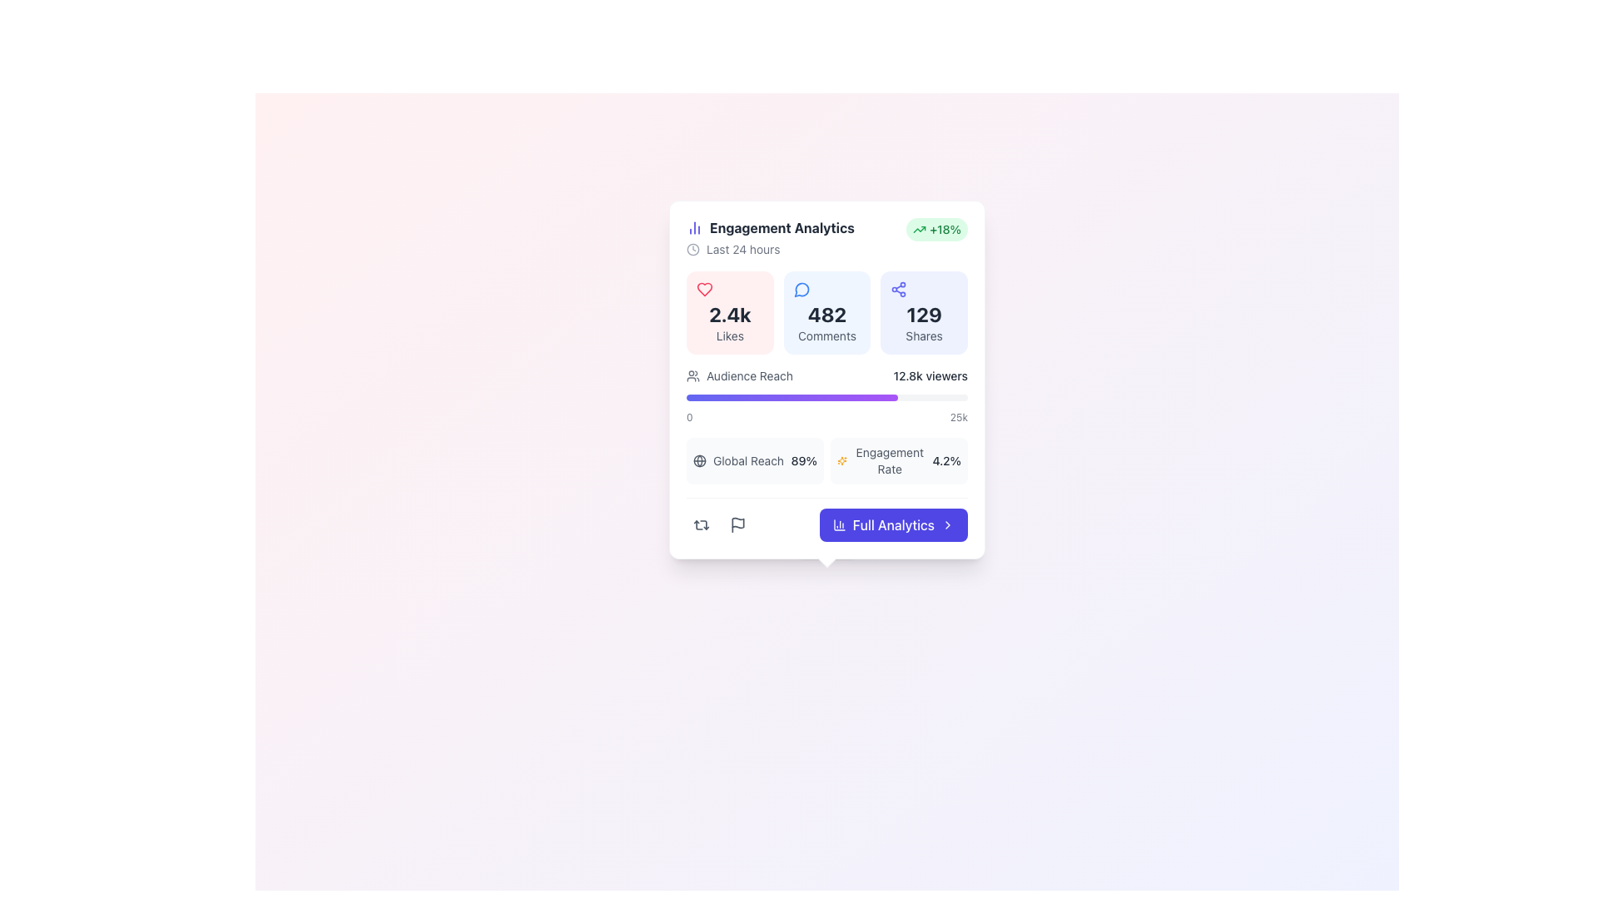 The height and width of the screenshot is (899, 1598). Describe the element at coordinates (826, 398) in the screenshot. I see `the visual progression level of the Progress Bar located centrally beneath the text '12.8k viewers' and above the labels '0' and '25k'` at that location.